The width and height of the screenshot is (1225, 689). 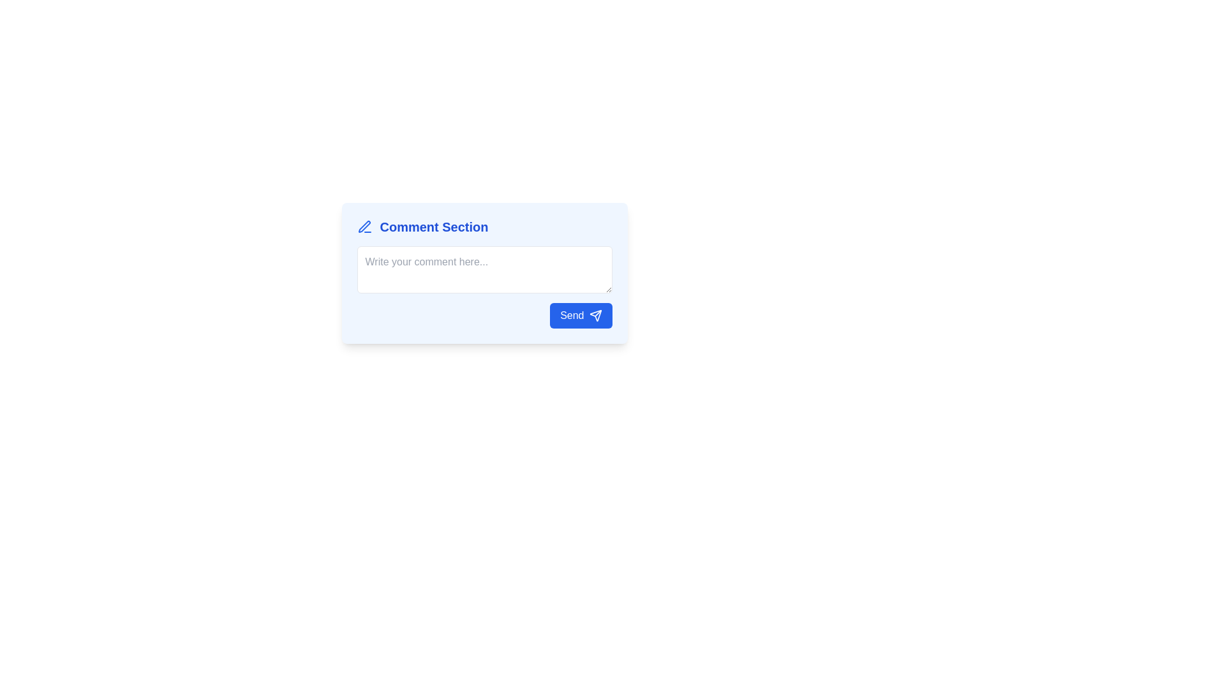 What do you see at coordinates (580, 315) in the screenshot?
I see `the button located at the bottom-right corner of the comment submission section` at bounding box center [580, 315].